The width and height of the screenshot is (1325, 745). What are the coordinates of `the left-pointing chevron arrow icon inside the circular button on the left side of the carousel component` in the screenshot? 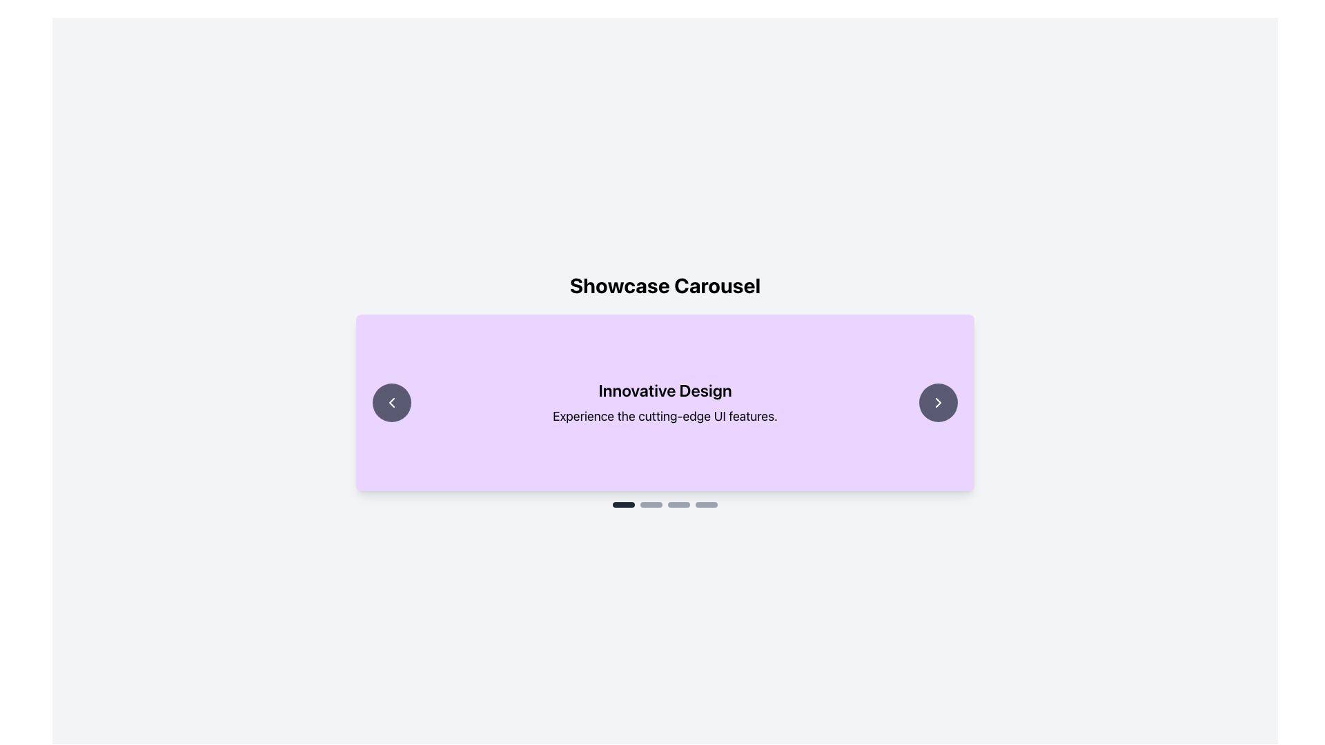 It's located at (391, 402).